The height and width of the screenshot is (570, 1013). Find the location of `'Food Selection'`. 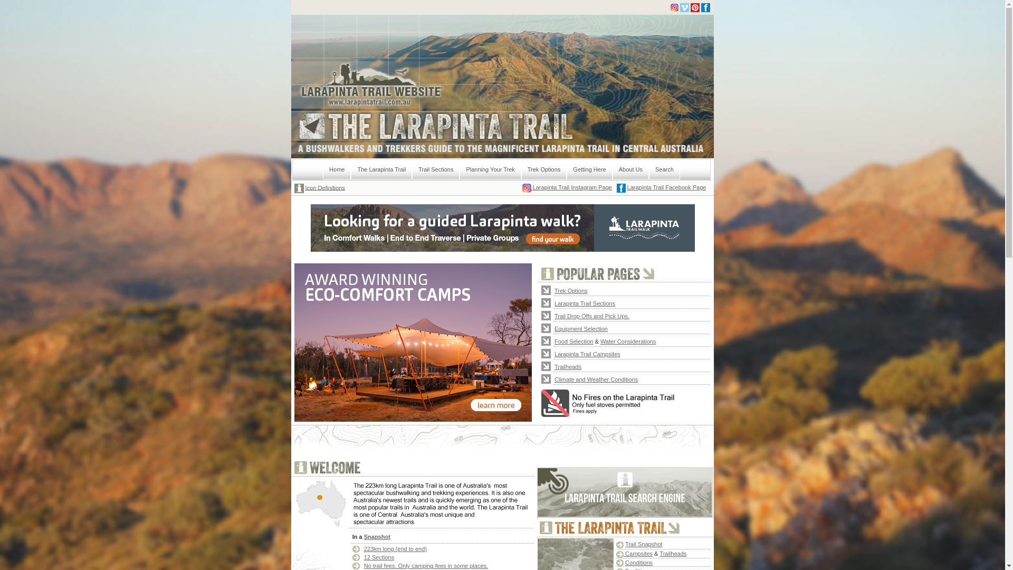

'Food Selection' is located at coordinates (573, 340).